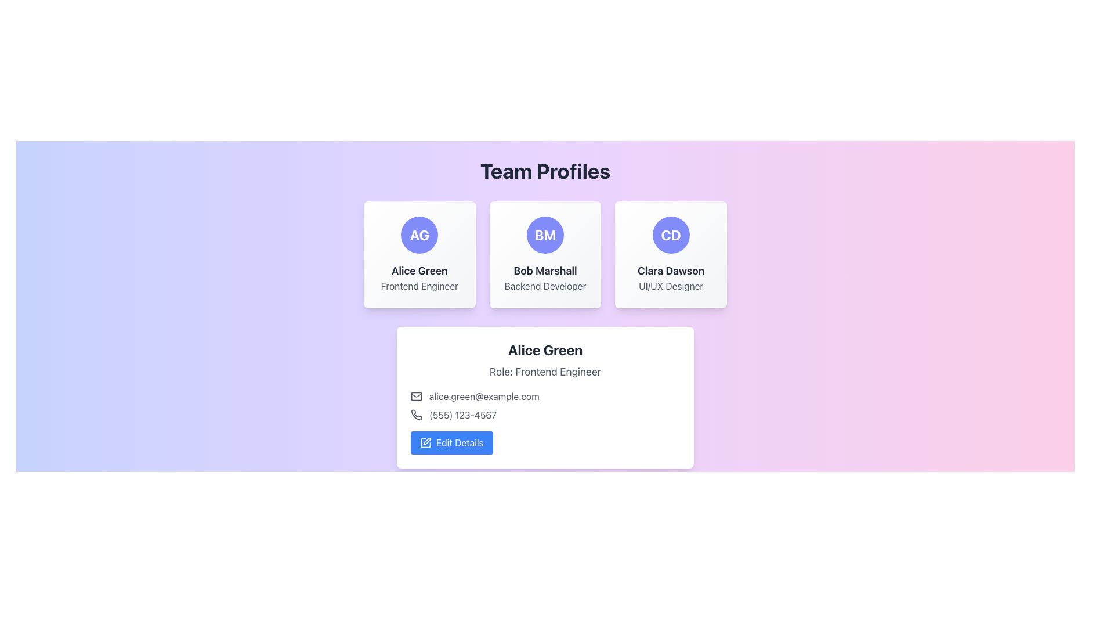 This screenshot has width=1114, height=627. What do you see at coordinates (417, 414) in the screenshot?
I see `the decorative phone number icon located to the left of the text '(555) 123-4567' in the contact information section for Alice Green` at bounding box center [417, 414].